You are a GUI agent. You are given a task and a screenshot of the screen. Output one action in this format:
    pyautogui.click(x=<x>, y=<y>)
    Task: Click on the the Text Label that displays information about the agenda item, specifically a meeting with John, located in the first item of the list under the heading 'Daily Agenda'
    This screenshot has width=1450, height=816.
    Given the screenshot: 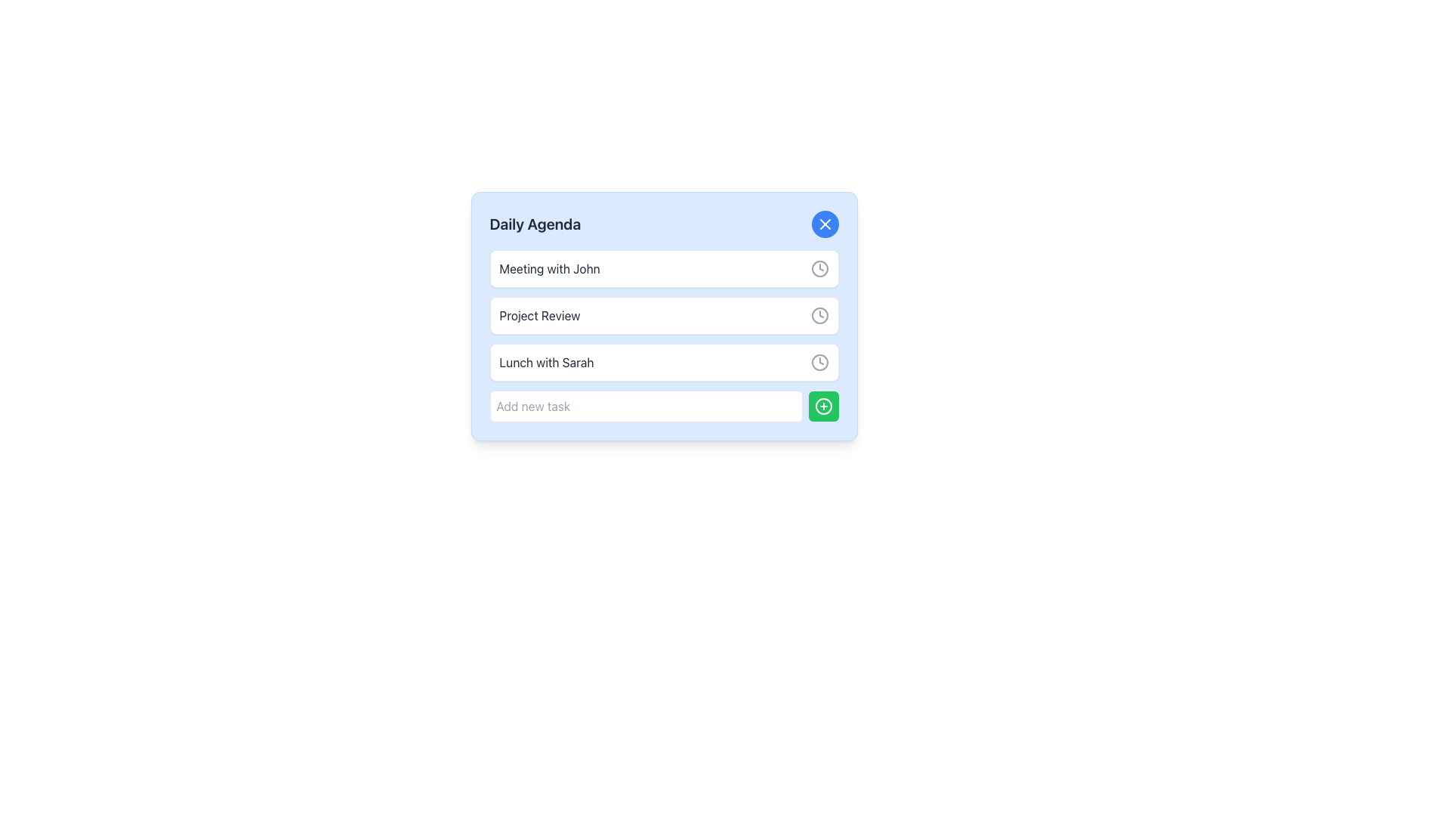 What is the action you would take?
    pyautogui.click(x=549, y=267)
    